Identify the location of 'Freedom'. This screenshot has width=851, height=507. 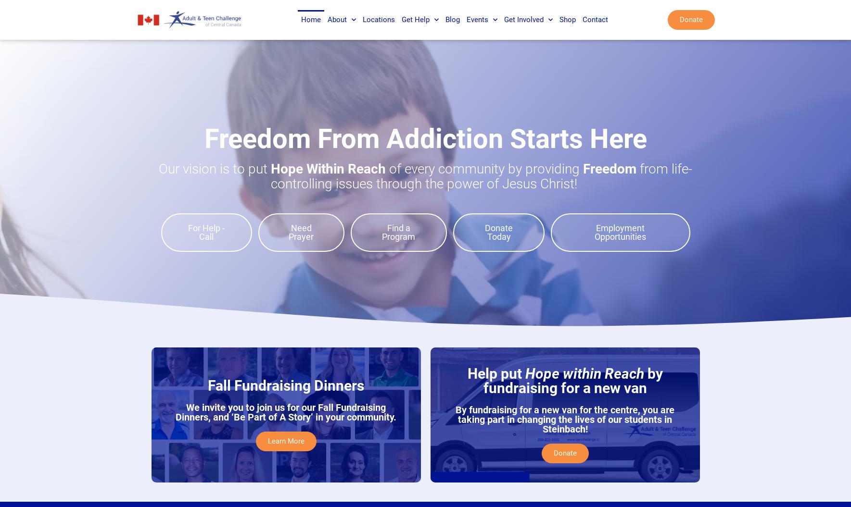
(611, 168).